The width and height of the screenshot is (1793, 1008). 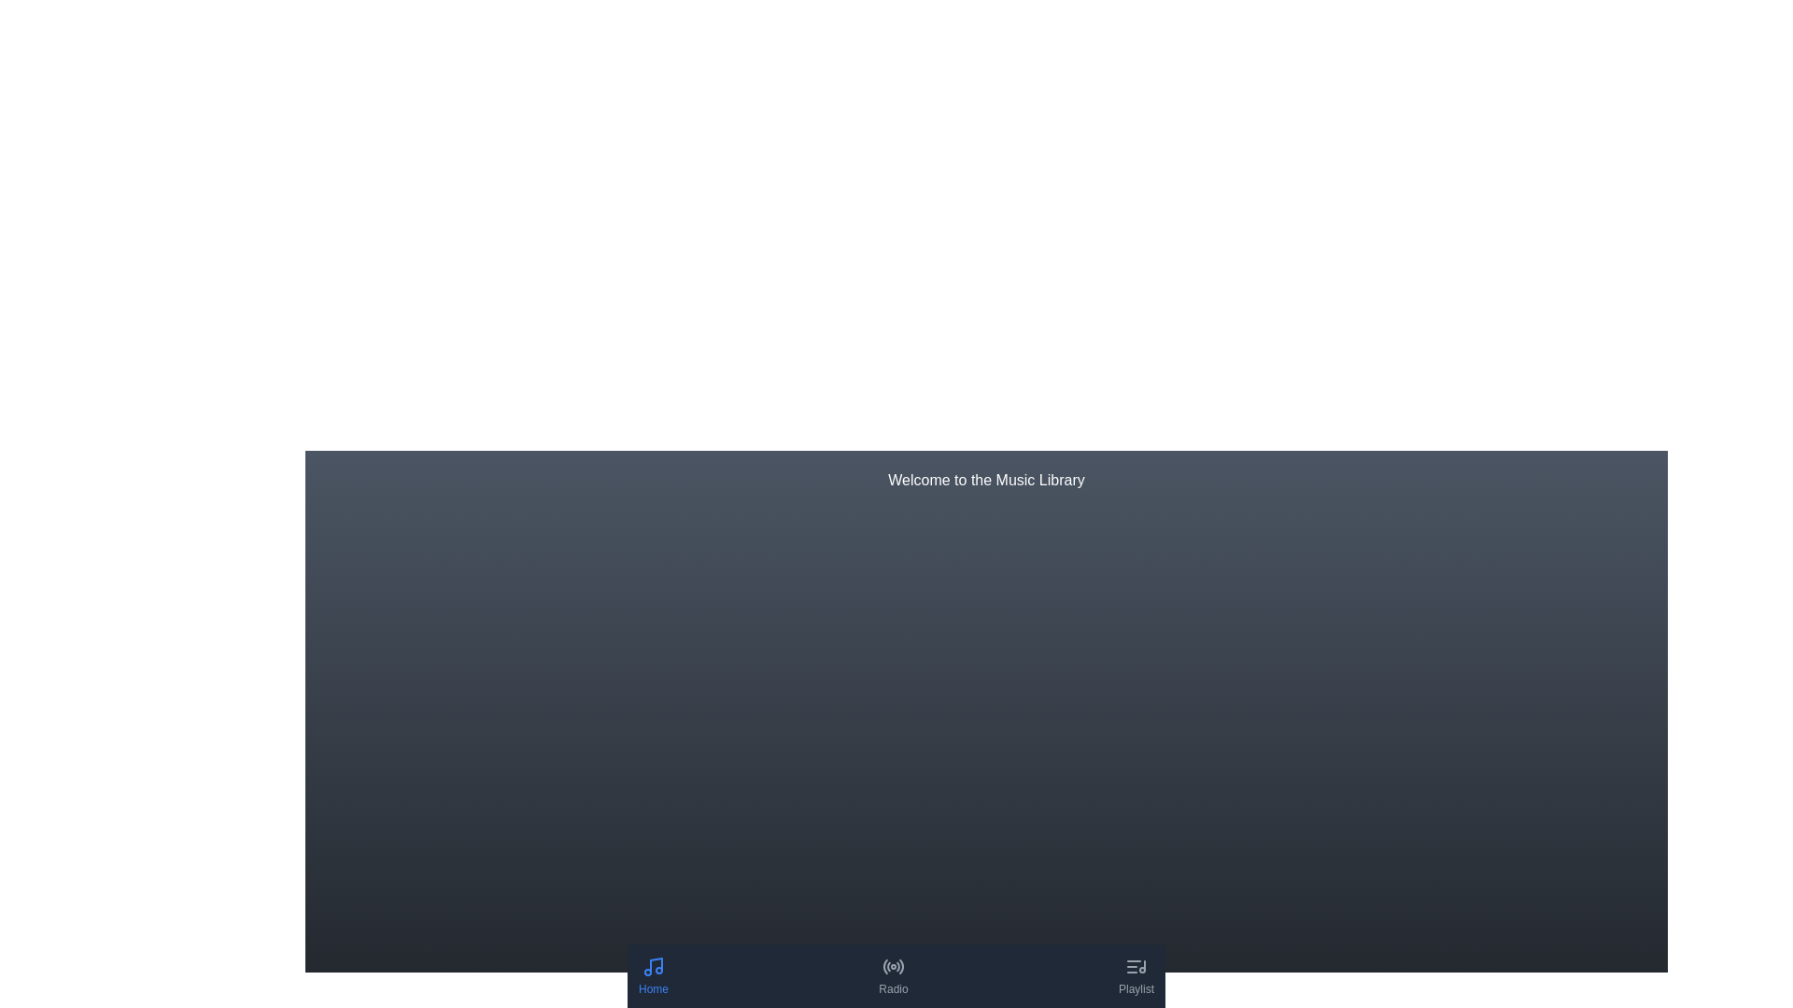 What do you see at coordinates (656, 964) in the screenshot?
I see `the vertical stem section of the music note icon located in the bottom-left corner of the graphical representation` at bounding box center [656, 964].